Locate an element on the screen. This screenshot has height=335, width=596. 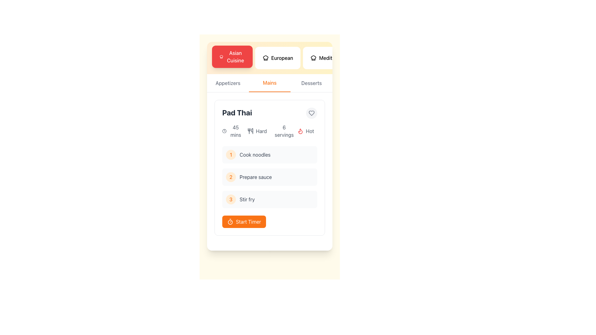
the clock icon representing the preparation time for the 'Pad Thai' recipe located in the upper-right portion of the card, just to the left of the '45 mins' text is located at coordinates (224, 131).